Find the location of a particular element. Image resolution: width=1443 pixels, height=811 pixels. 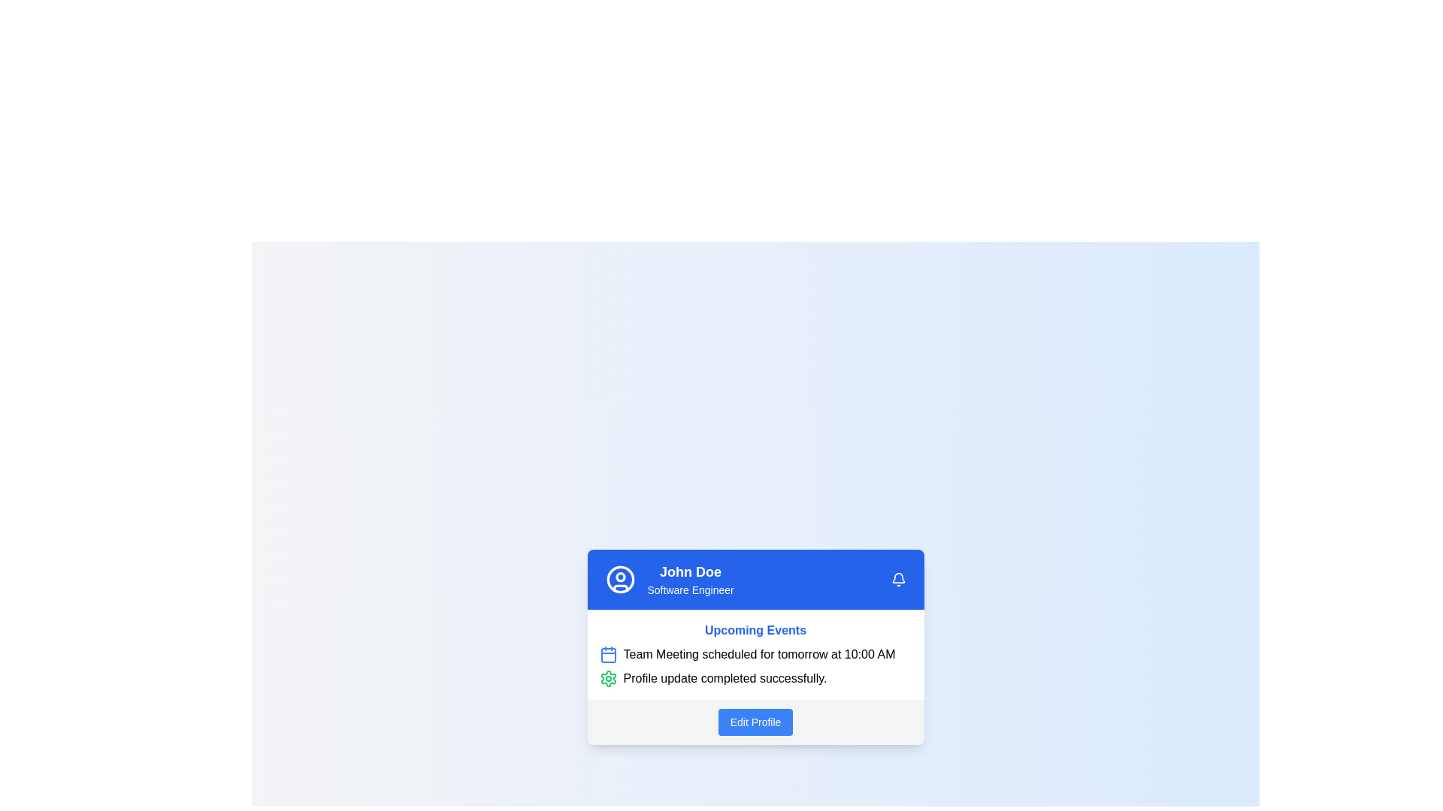

the profile editing button located at the center bottom of the white card section is located at coordinates (755, 721).